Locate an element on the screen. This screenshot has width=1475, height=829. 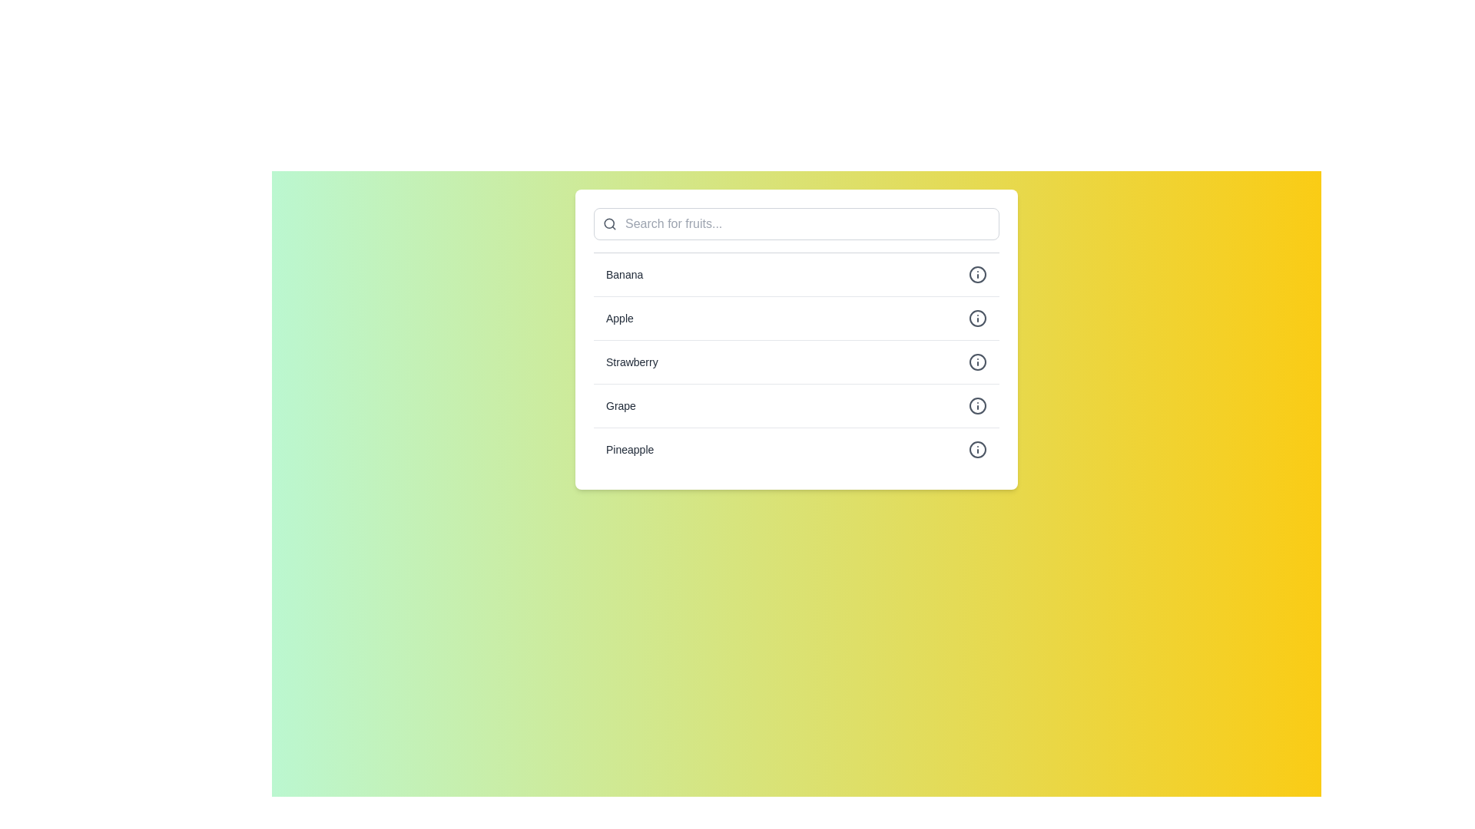
the decorative circle within the informational icon next to the 'Apple' item in the fruit list is located at coordinates (976, 318).